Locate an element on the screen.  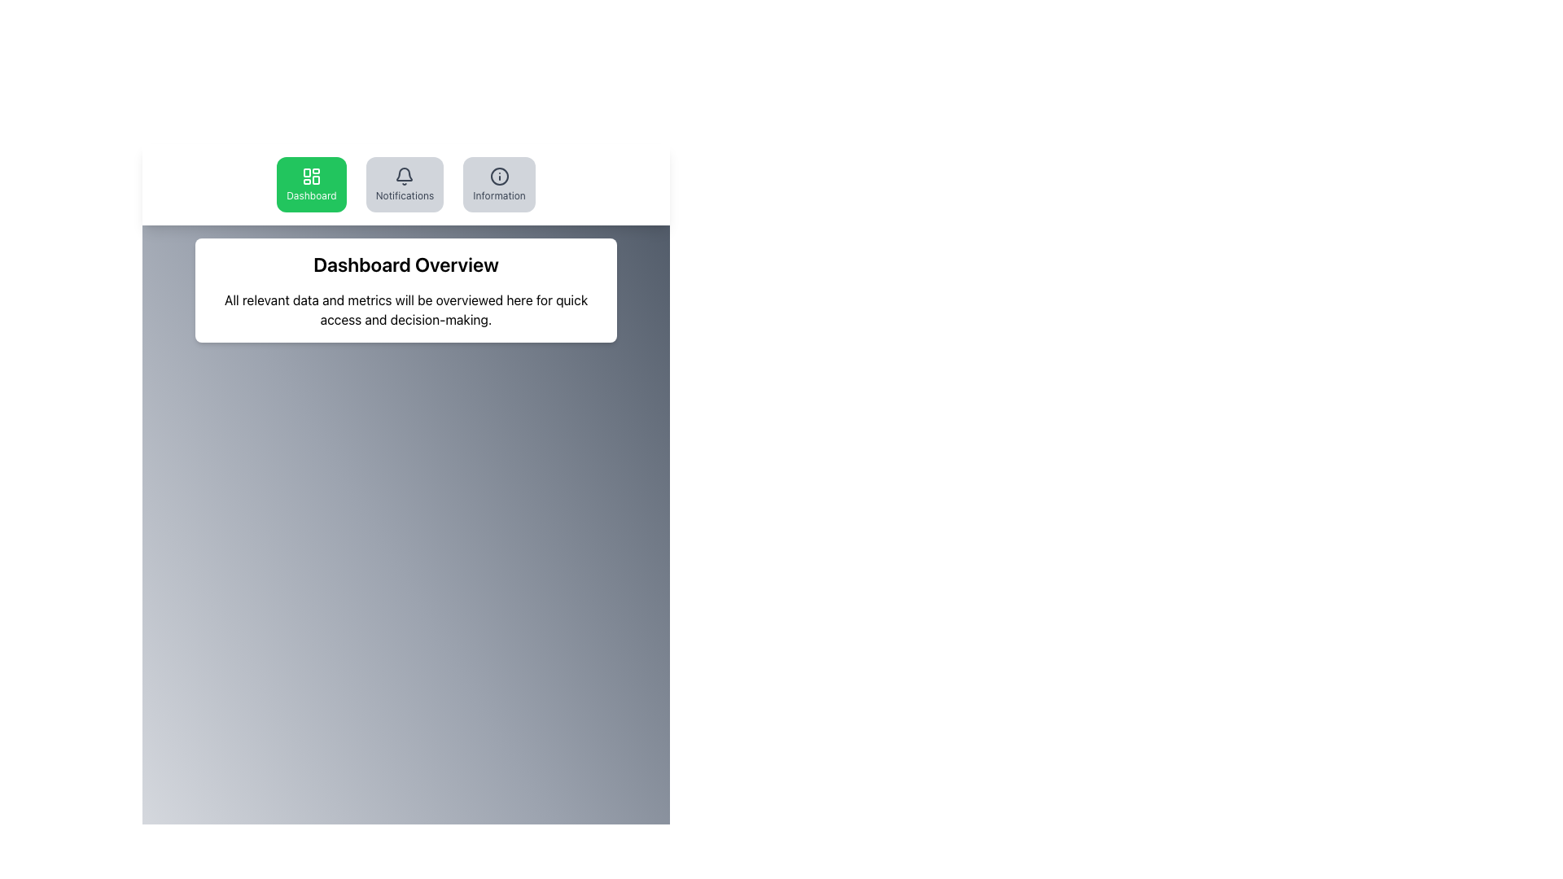
the 'Notifications' label, which is a small text label in light gray color located beneath the bell icon is located at coordinates (405, 195).